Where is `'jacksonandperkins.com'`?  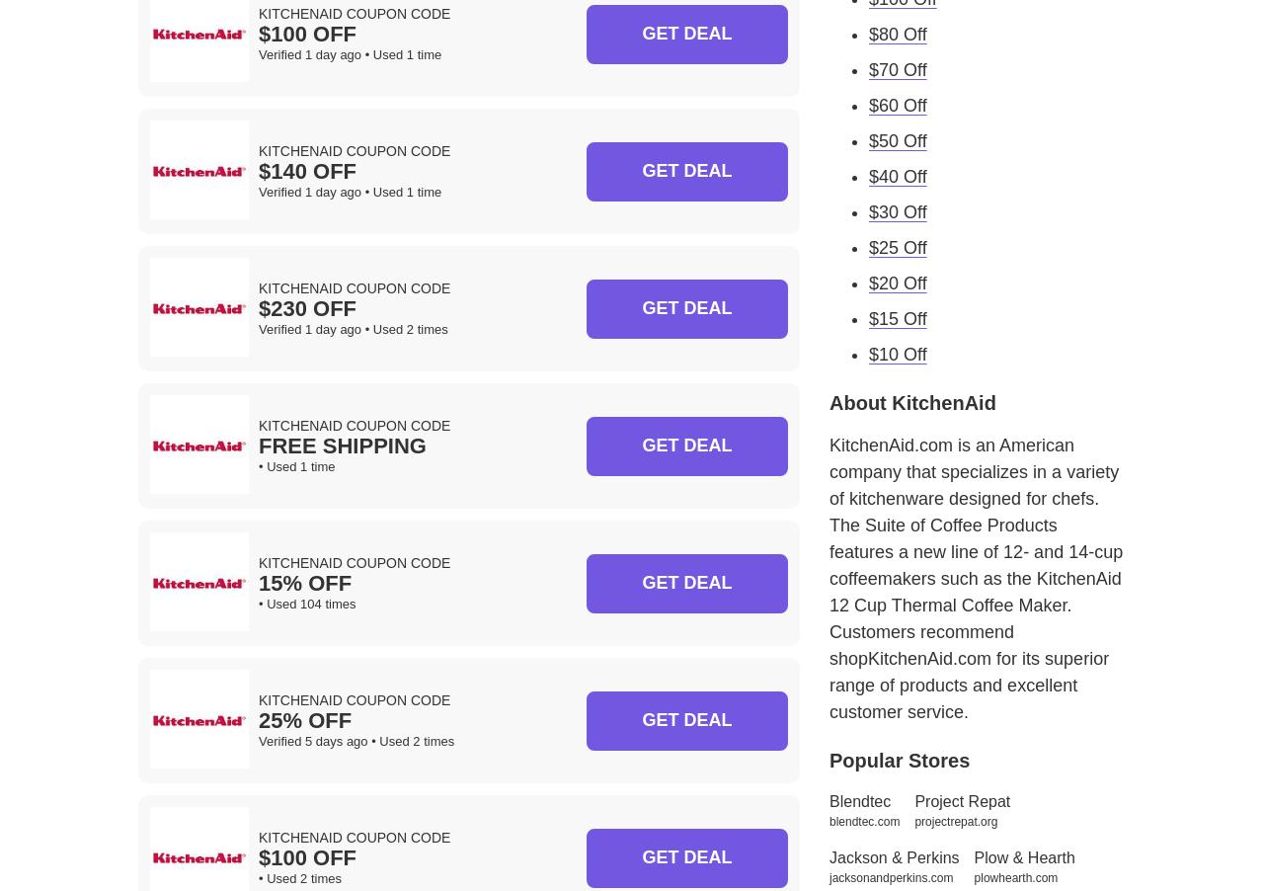 'jacksonandperkins.com' is located at coordinates (890, 877).